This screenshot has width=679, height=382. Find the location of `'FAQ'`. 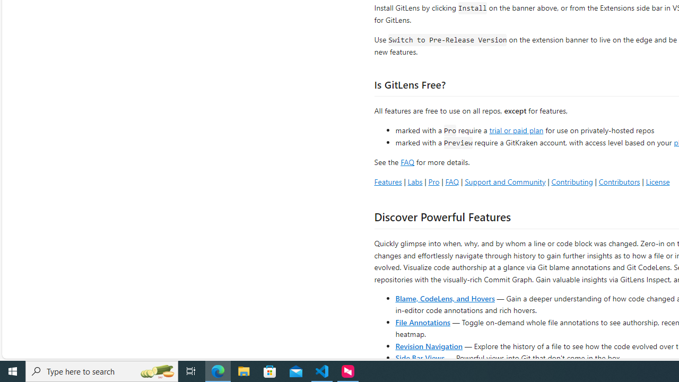

'FAQ' is located at coordinates (452, 181).